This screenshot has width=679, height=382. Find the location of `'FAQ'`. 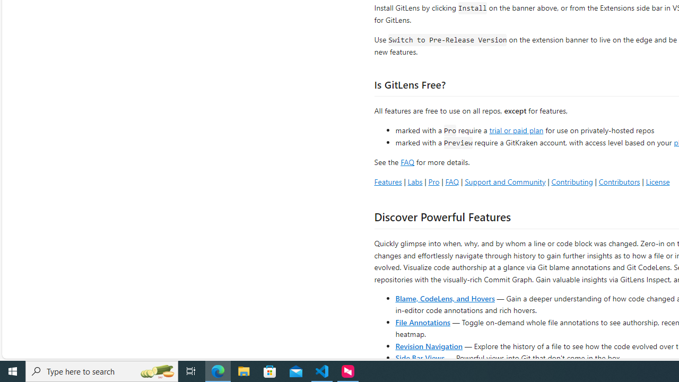

'FAQ' is located at coordinates (452, 181).